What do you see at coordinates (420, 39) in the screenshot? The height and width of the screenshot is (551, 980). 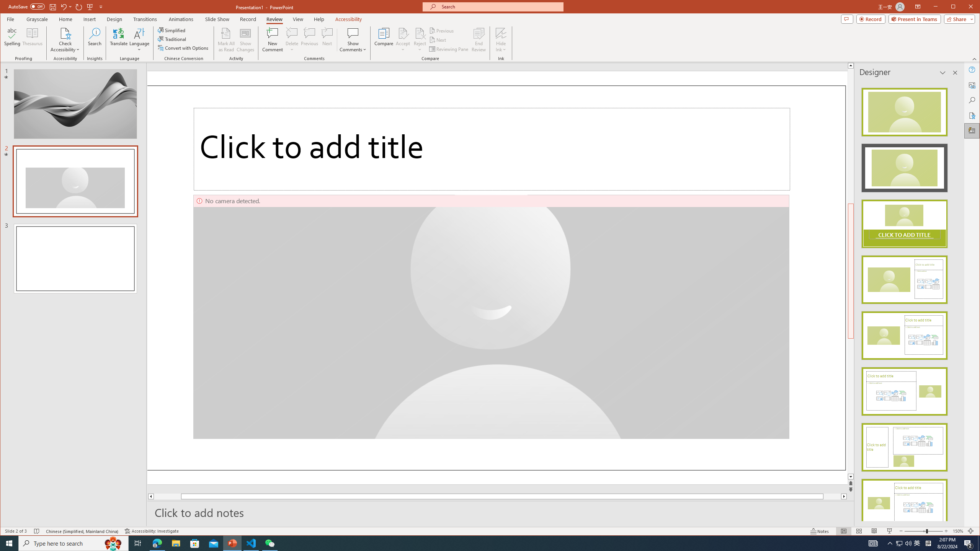 I see `'Reject'` at bounding box center [420, 39].